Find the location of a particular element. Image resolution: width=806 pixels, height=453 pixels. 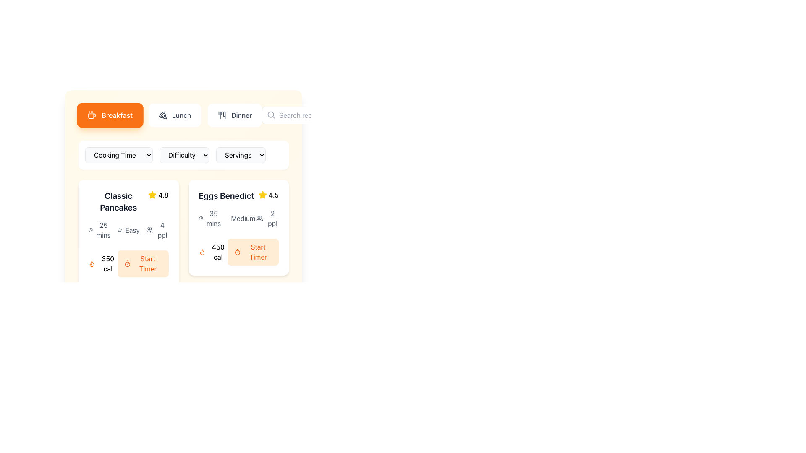

numeric rating displayed in the text label located in the upper-right corner of the 'Classic Pancakes' card, adjacent to the yellow star icon is located at coordinates (163, 195).